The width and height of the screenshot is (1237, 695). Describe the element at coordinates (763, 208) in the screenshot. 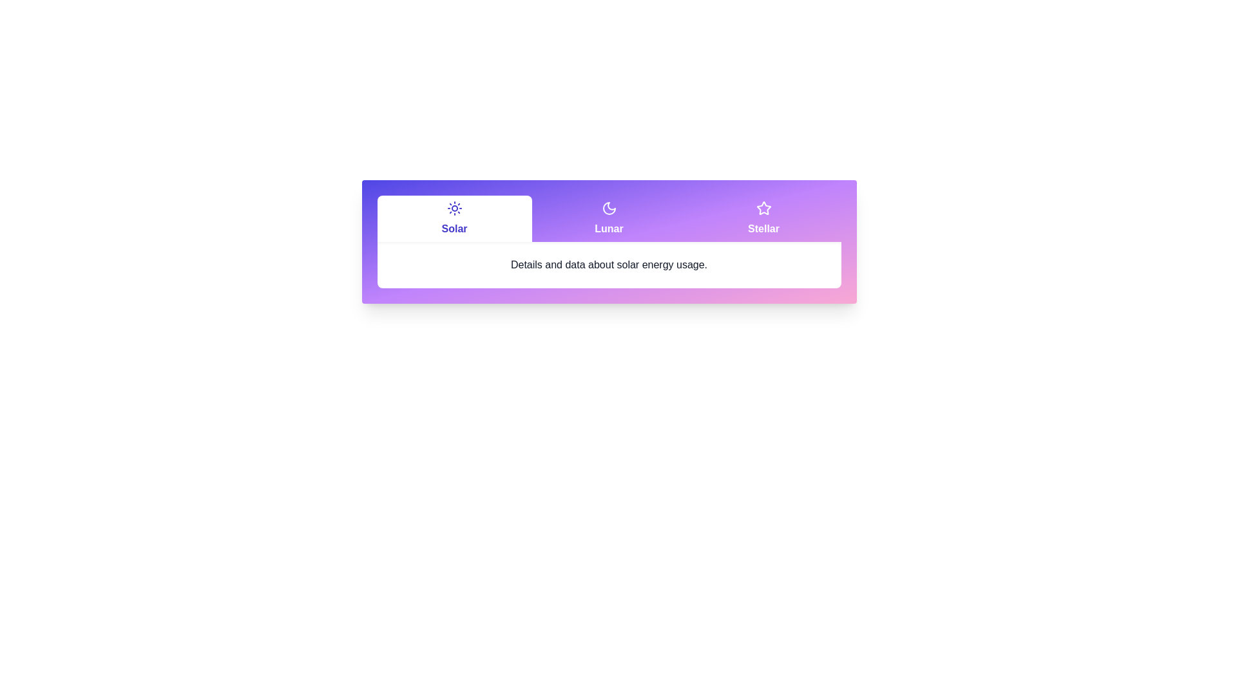

I see `the tab header icon corresponding to the Stellar tab` at that location.